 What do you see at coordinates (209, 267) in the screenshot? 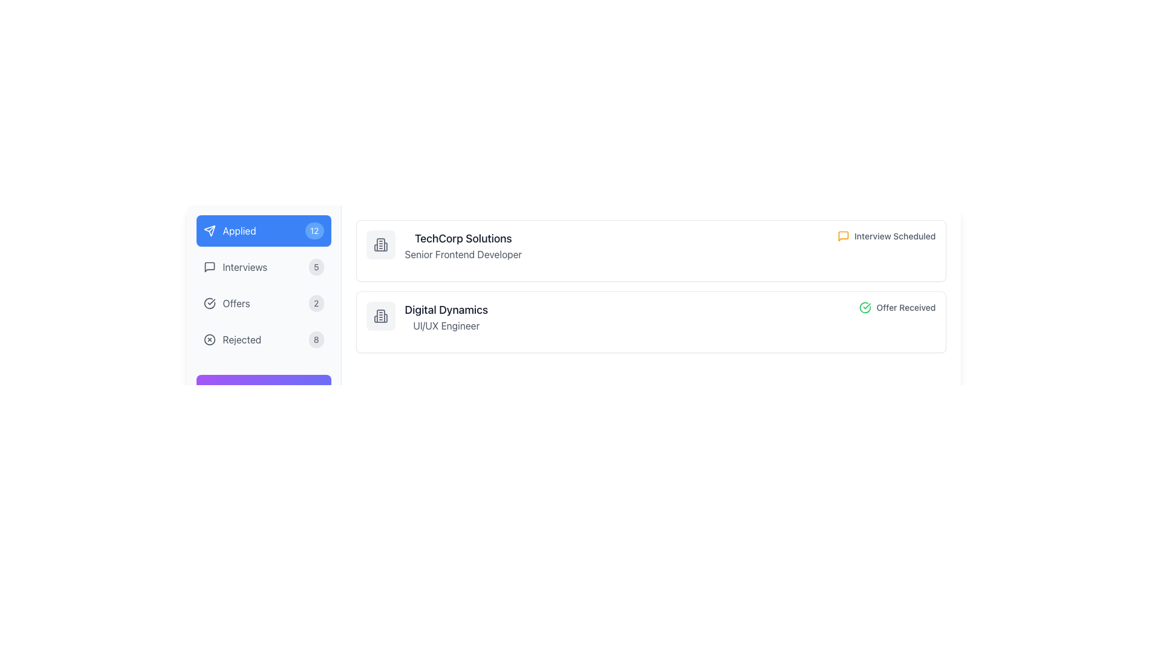
I see `or interpret the graphical representation of the speech bubble icon, which is a minimalistic SVG element with a pointed tail, located near the 'Interviews' section` at bounding box center [209, 267].